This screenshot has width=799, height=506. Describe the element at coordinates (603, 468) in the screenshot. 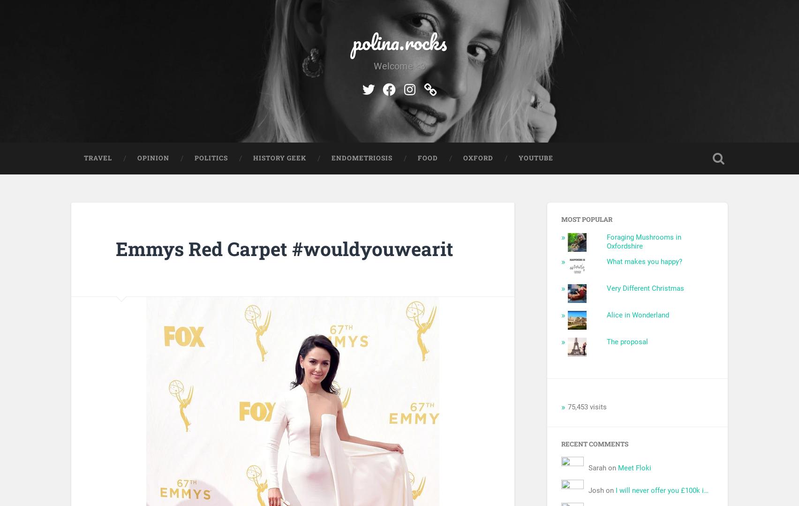

I see `'Sarah on'` at that location.